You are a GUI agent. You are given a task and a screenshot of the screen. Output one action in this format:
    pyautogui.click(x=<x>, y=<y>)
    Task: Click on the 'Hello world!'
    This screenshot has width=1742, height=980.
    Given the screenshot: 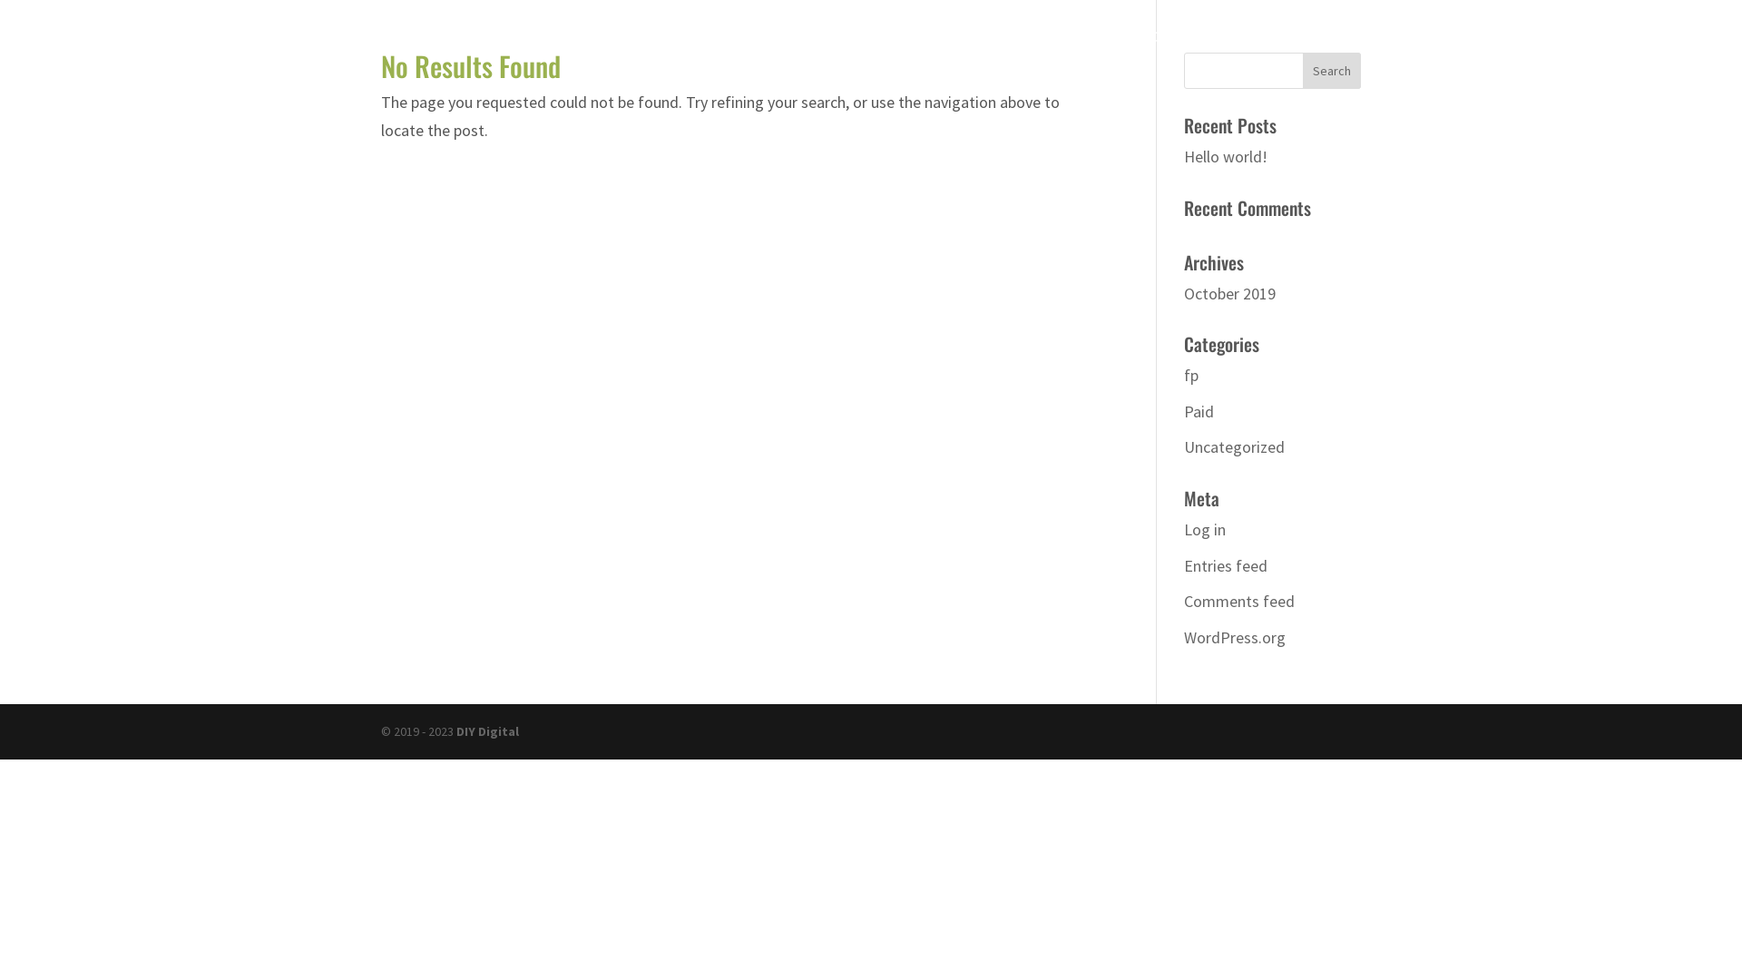 What is the action you would take?
    pyautogui.click(x=1225, y=155)
    